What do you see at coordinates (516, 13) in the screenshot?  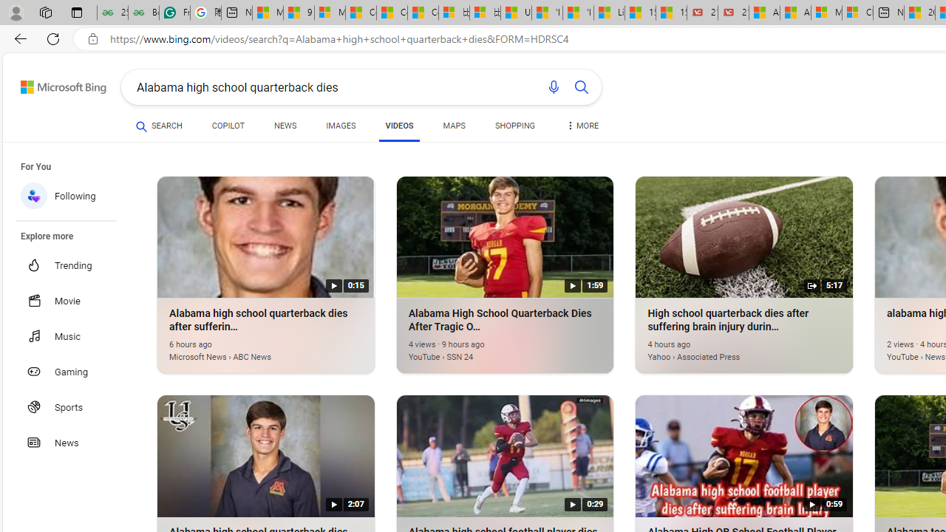 I see `'USA TODAY - MSN'` at bounding box center [516, 13].